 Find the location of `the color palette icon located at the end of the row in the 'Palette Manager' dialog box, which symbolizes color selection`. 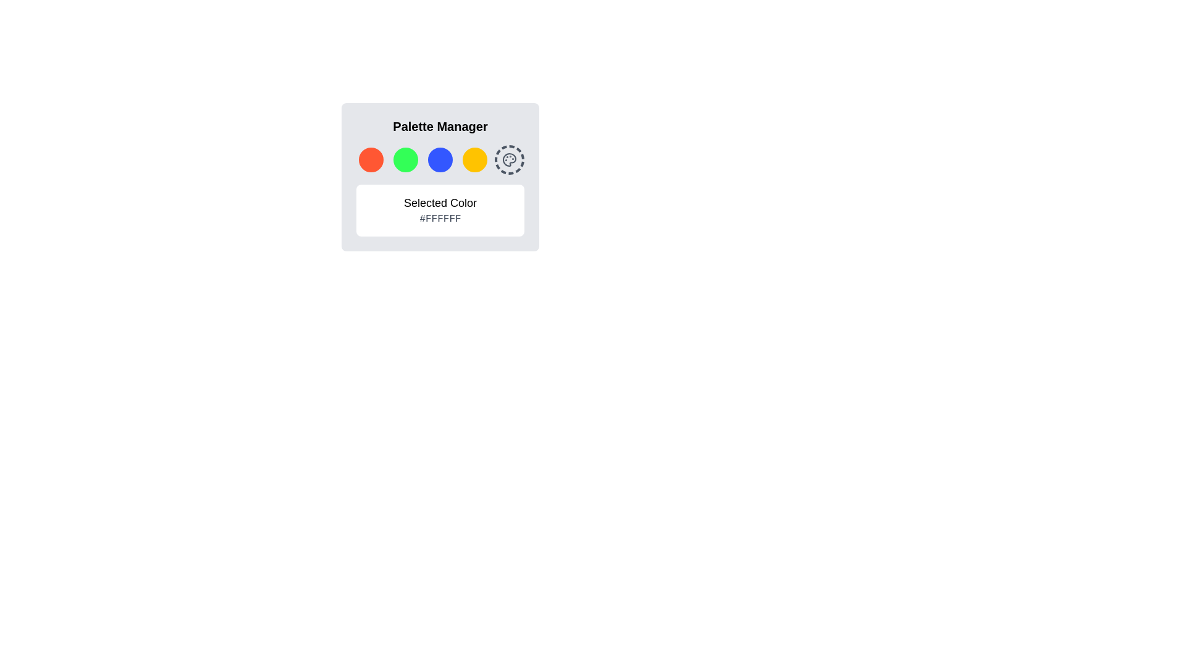

the color palette icon located at the end of the row in the 'Palette Manager' dialog box, which symbolizes color selection is located at coordinates (510, 159).